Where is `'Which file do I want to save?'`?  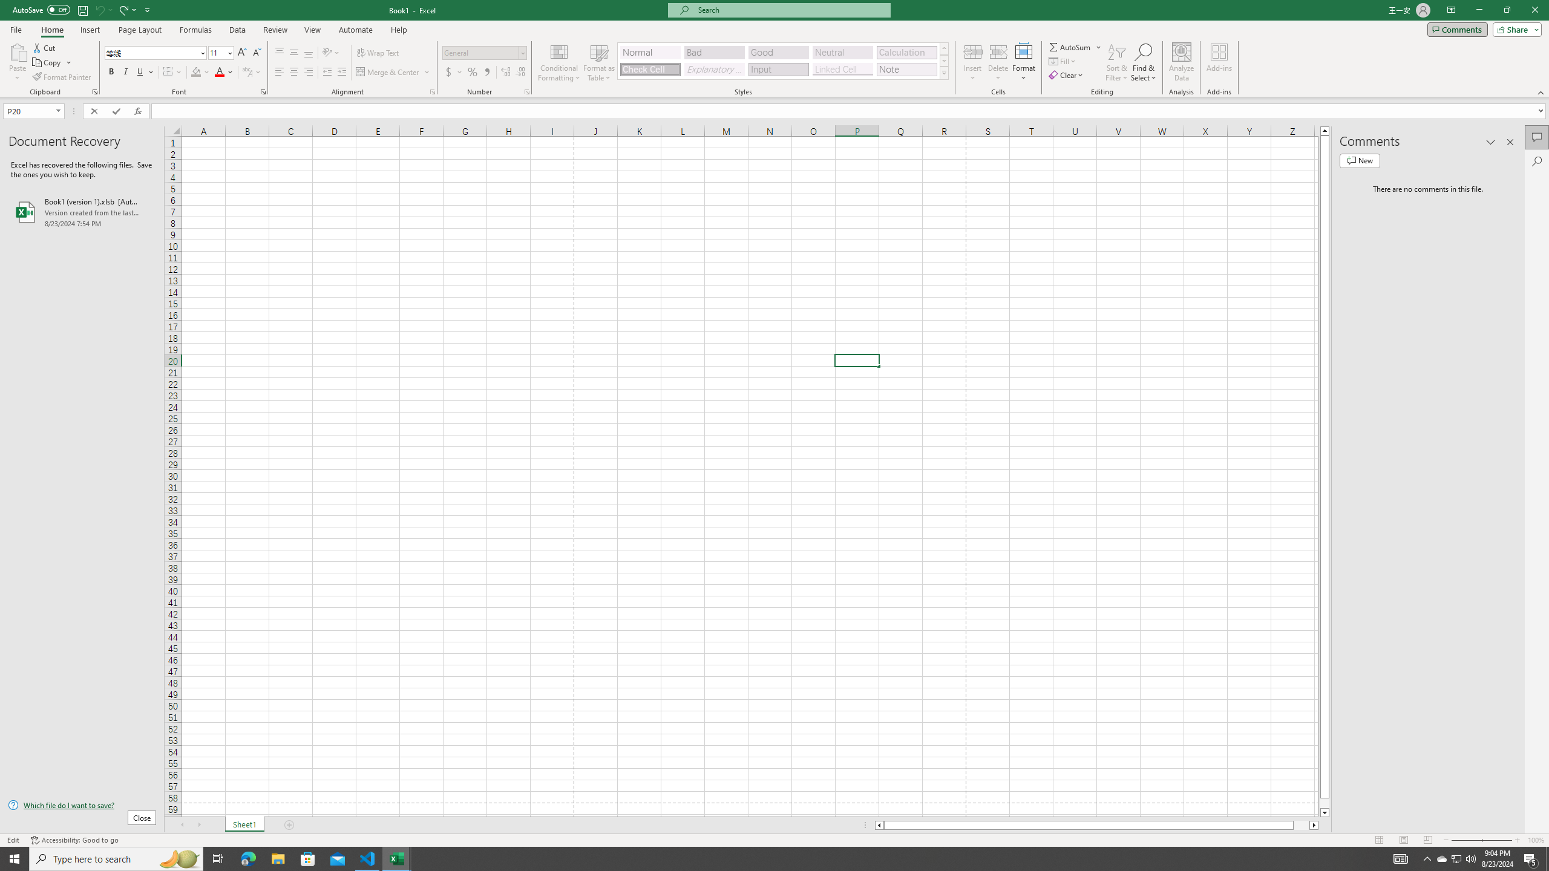 'Which file do I want to save?' is located at coordinates (81, 806).